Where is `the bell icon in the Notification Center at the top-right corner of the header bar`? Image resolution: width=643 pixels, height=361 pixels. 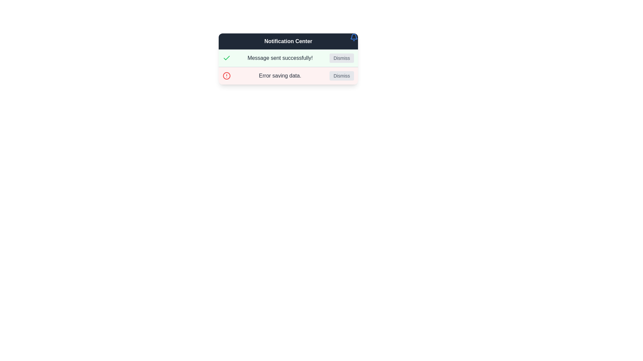
the bell icon in the Notification Center at the top-right corner of the header bar is located at coordinates (353, 37).